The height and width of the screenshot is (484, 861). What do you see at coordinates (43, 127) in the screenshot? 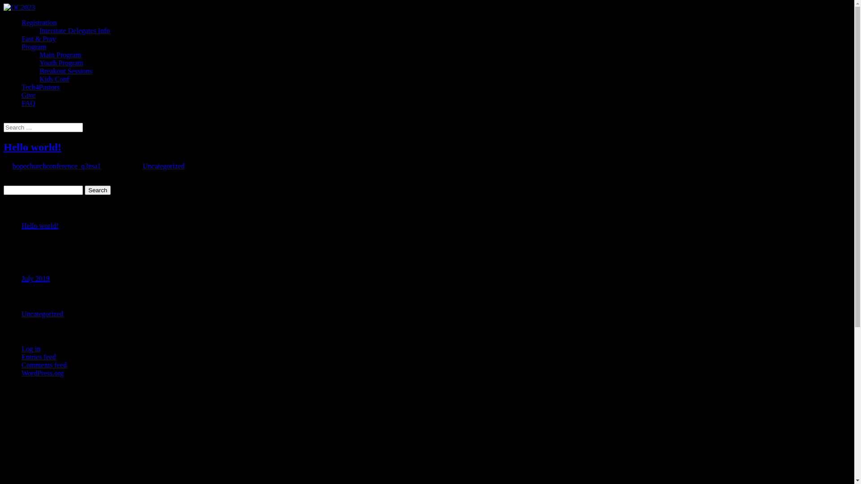
I see `'Search for:'` at bounding box center [43, 127].